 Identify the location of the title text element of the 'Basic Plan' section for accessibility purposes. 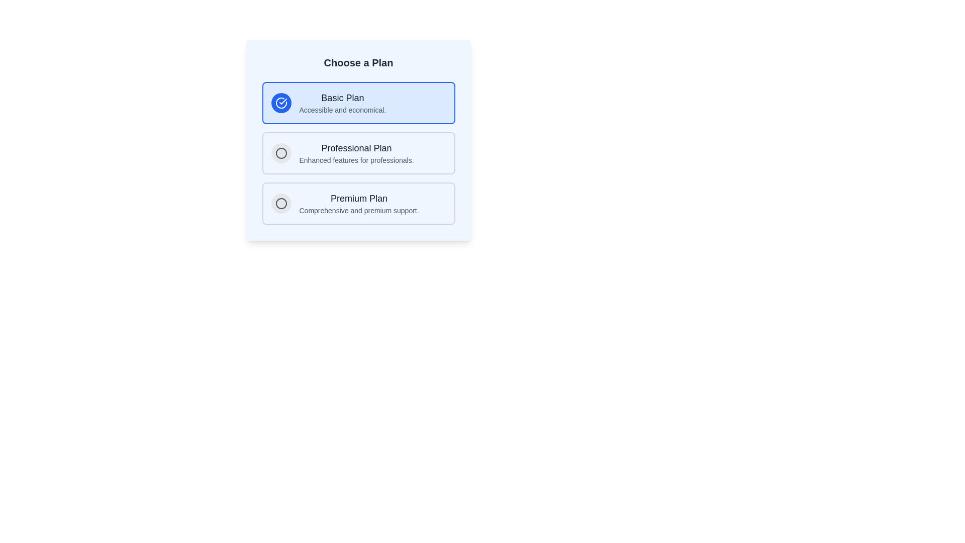
(342, 98).